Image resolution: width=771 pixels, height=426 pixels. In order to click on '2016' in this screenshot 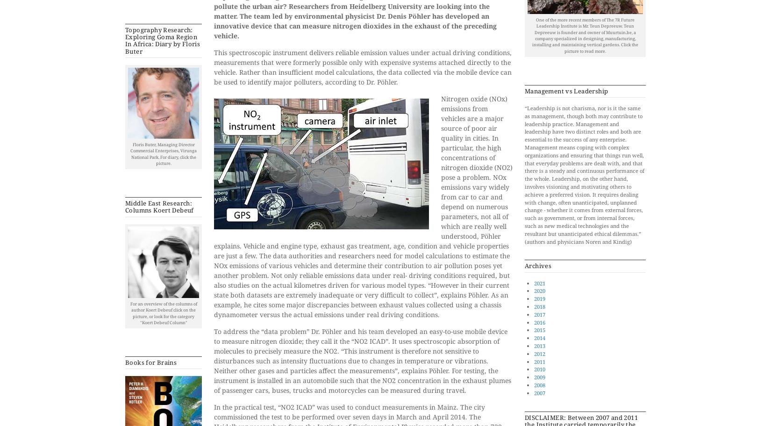, I will do `click(539, 322)`.